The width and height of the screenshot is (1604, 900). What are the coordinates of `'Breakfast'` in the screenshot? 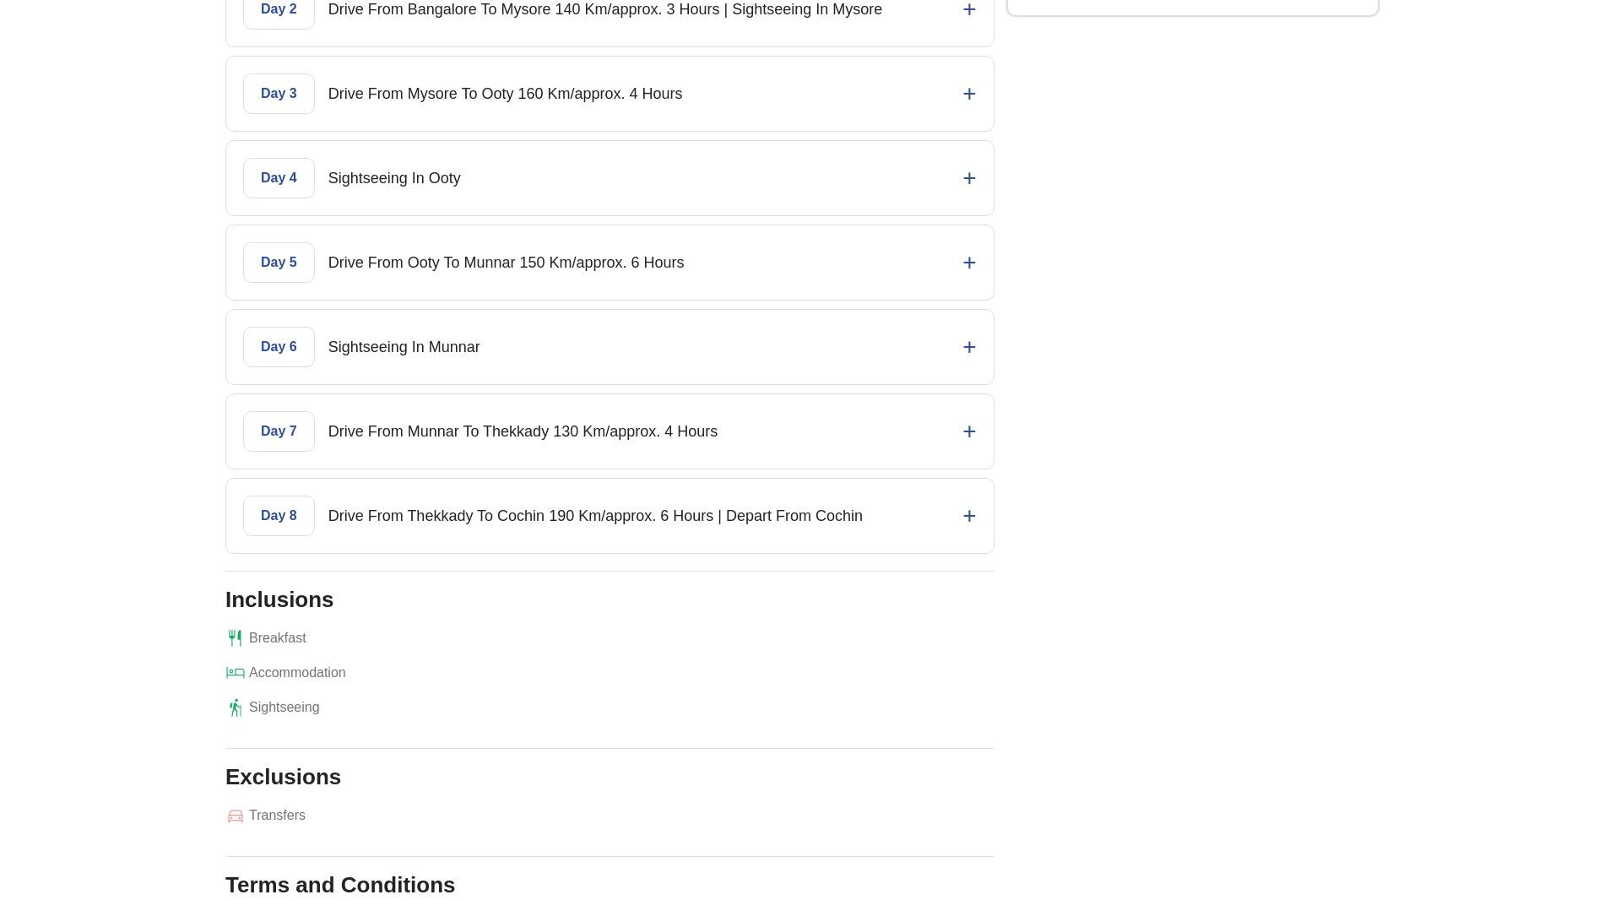 It's located at (276, 637).